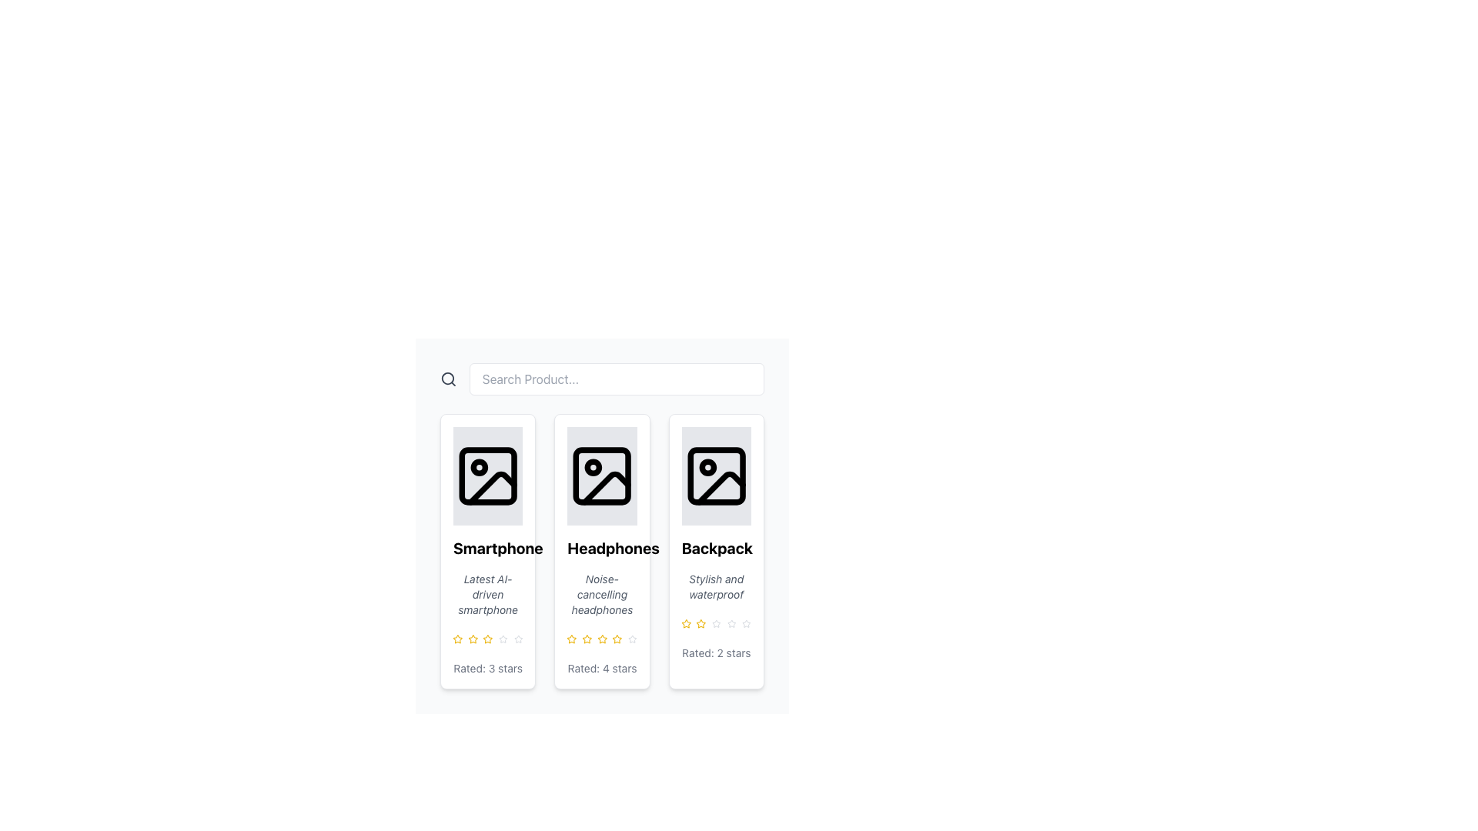  What do you see at coordinates (601, 475) in the screenshot?
I see `the decorative SVG rectangle element located in the 'Headphones' card of the grid layout, positioned towards the upper left corner of the placeholder graphic` at bounding box center [601, 475].